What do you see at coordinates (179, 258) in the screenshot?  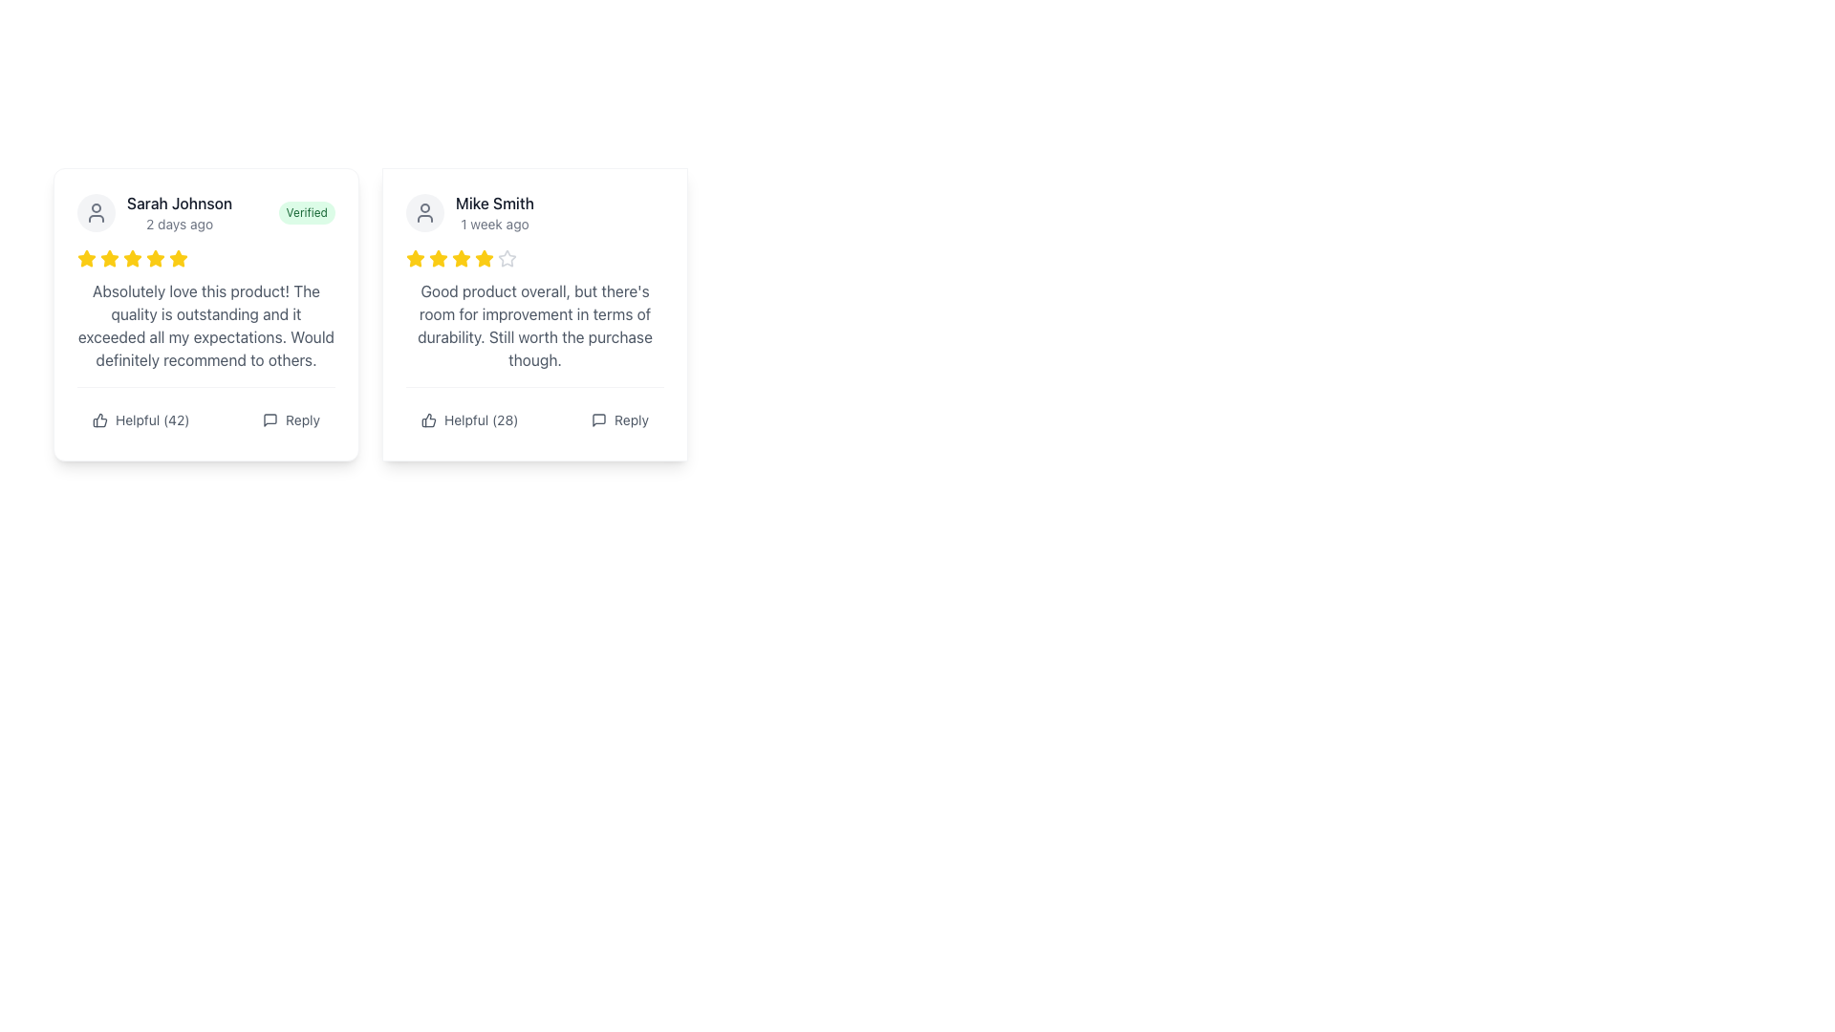 I see `the fourth star-shaped icon filled with yellow color in the first user review card under the heading 'Sarah Johnson' to emphasize it` at bounding box center [179, 258].